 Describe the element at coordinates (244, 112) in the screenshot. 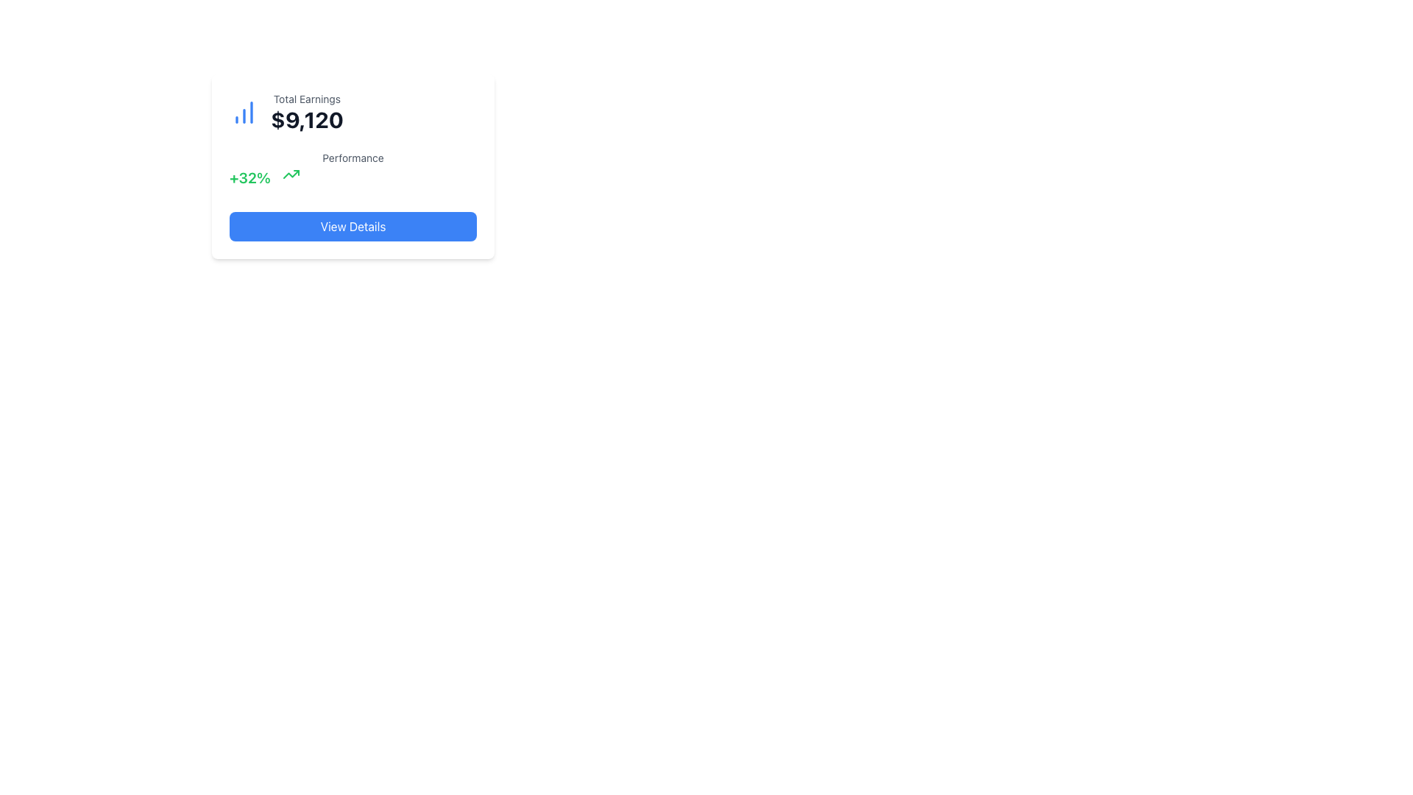

I see `the minimalistic blue bar chart icon located at the top-left corner of the card layout, which is adjacent to the text 'Total Earnings' and '$9,120'` at that location.